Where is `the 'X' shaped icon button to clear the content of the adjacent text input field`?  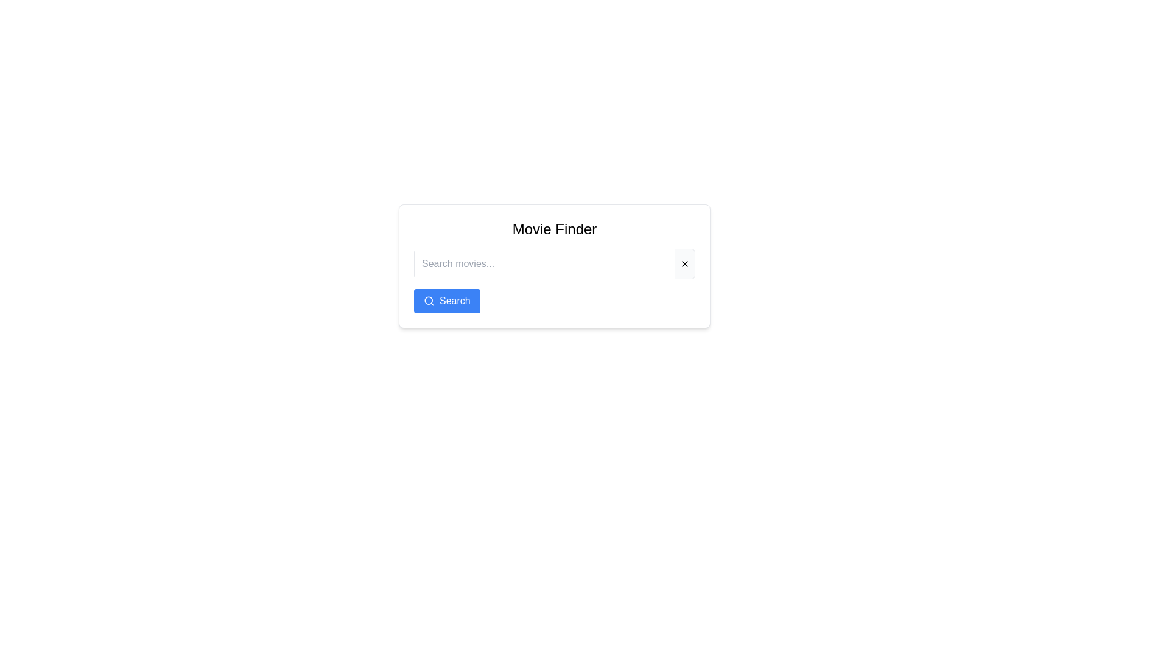 the 'X' shaped icon button to clear the content of the adjacent text input field is located at coordinates (684, 263).